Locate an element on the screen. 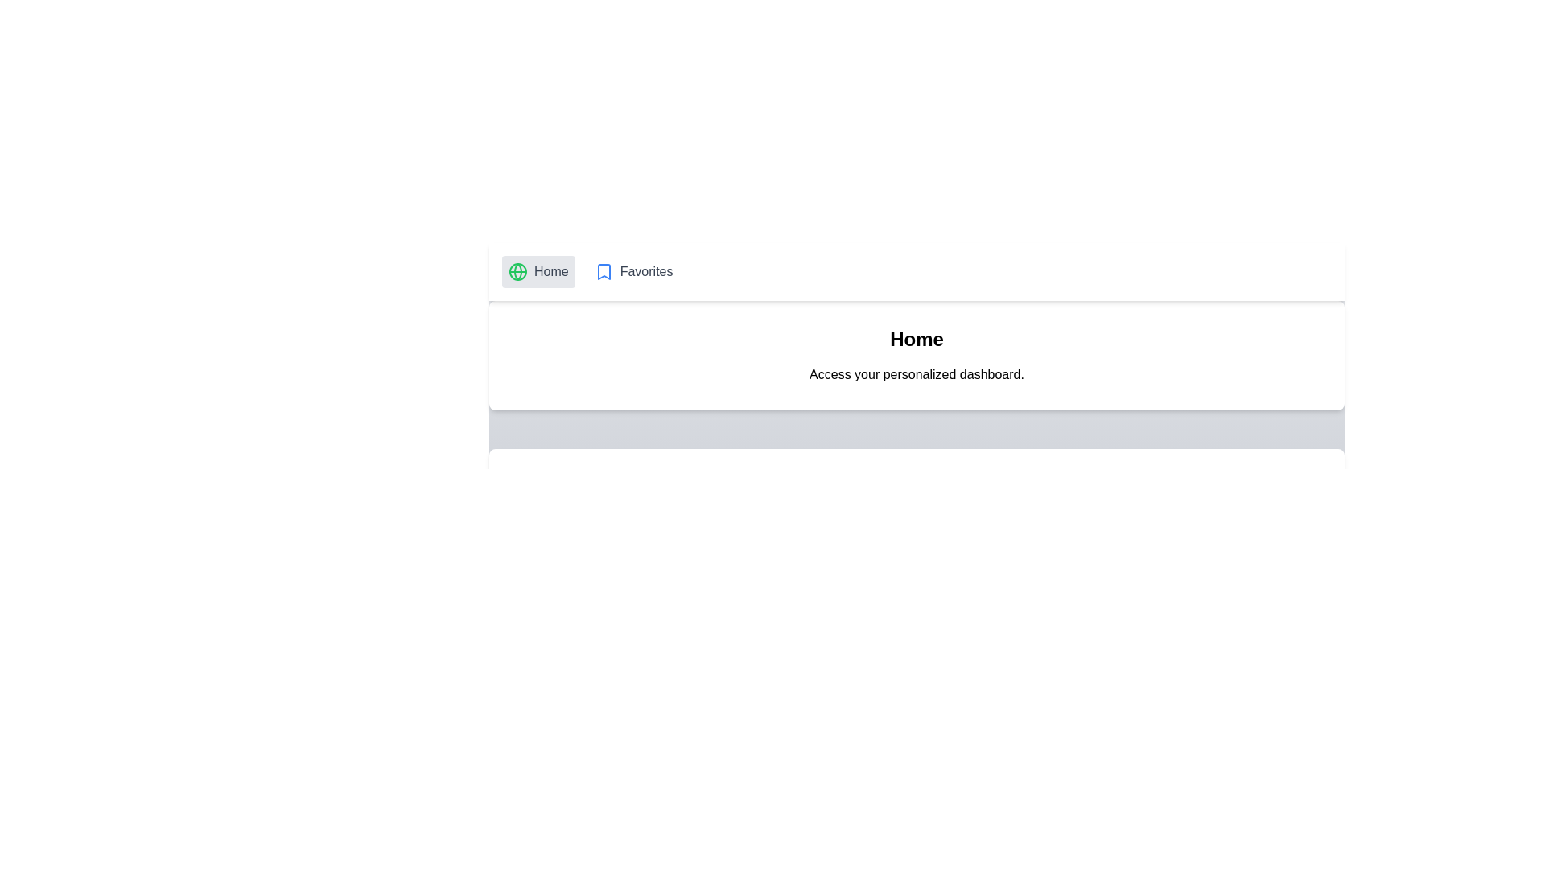  the 'Home' hyperlink located in the top navigation bar, positioned to the left of 'Favorites' and to the right of the globe-shaped icon is located at coordinates (551, 271).